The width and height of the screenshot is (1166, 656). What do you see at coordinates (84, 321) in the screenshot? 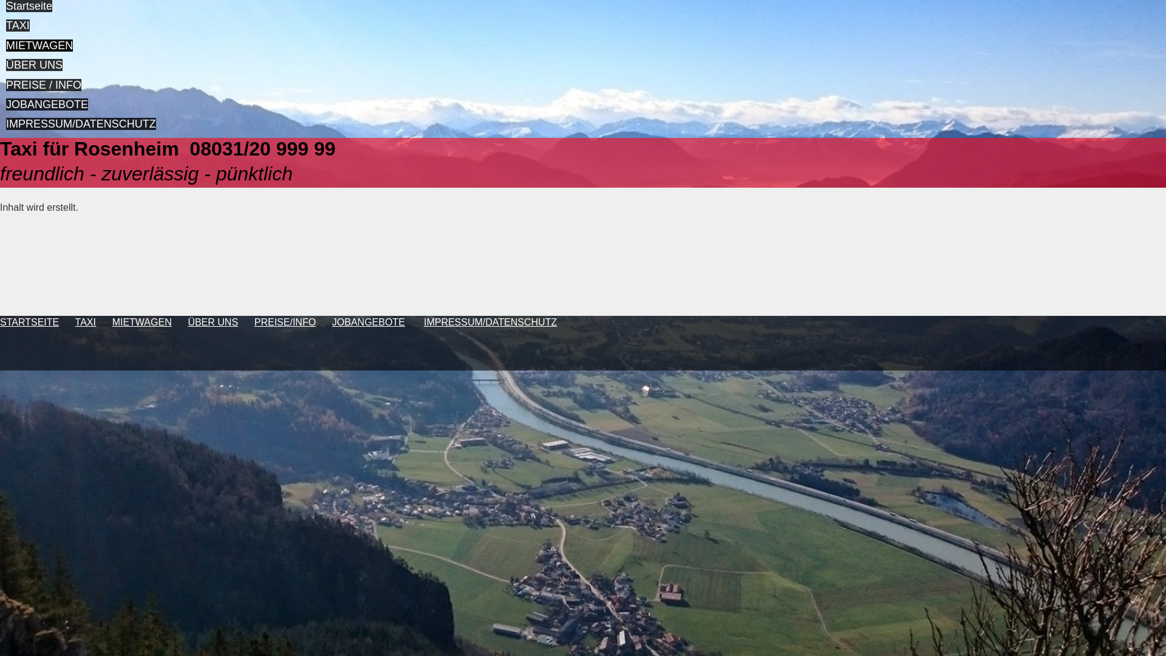
I see `'TAXI'` at bounding box center [84, 321].